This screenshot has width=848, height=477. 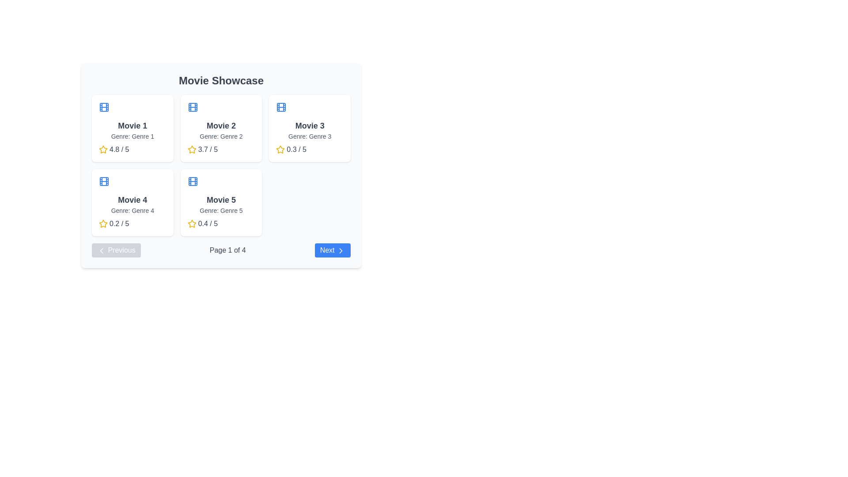 I want to click on the text label displaying the average score out of five, located in the first card below the text 'Movie 1' and 'Genre: Genre 1', so click(x=119, y=149).